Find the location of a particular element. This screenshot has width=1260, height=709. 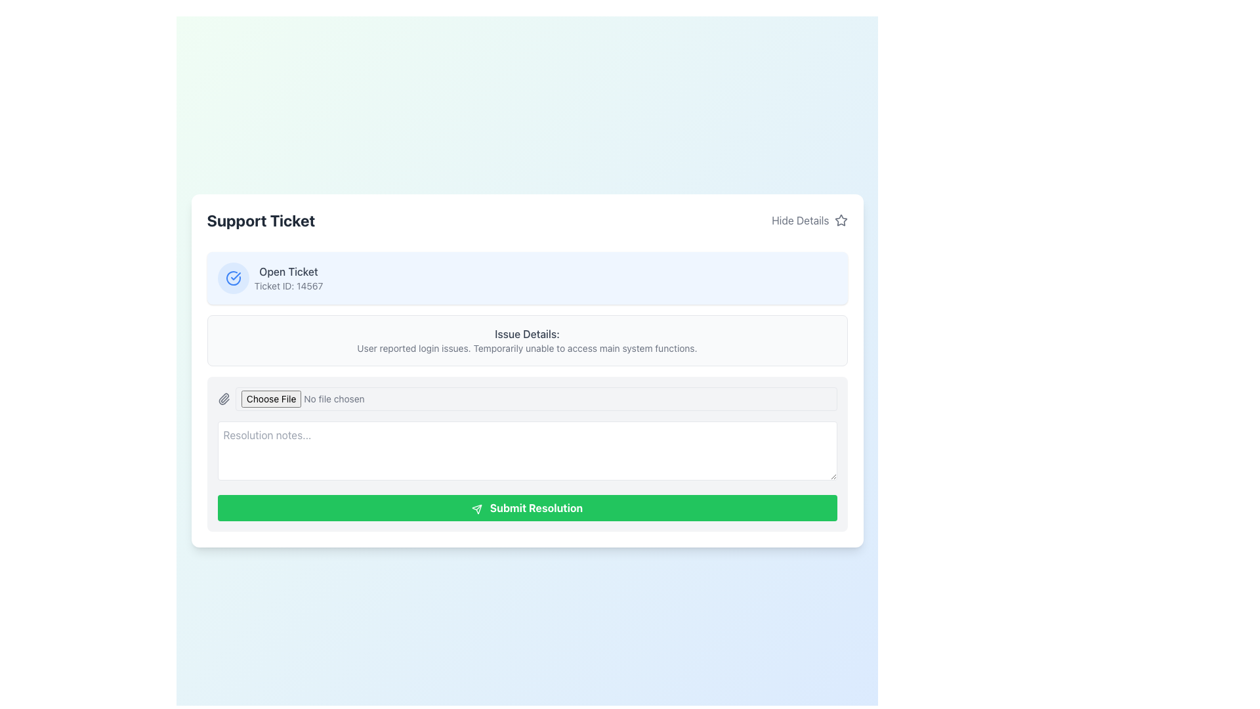

the gray star icon located at the top-right corner of the interface, adjacent to the 'Hide Details' text is located at coordinates (841, 219).